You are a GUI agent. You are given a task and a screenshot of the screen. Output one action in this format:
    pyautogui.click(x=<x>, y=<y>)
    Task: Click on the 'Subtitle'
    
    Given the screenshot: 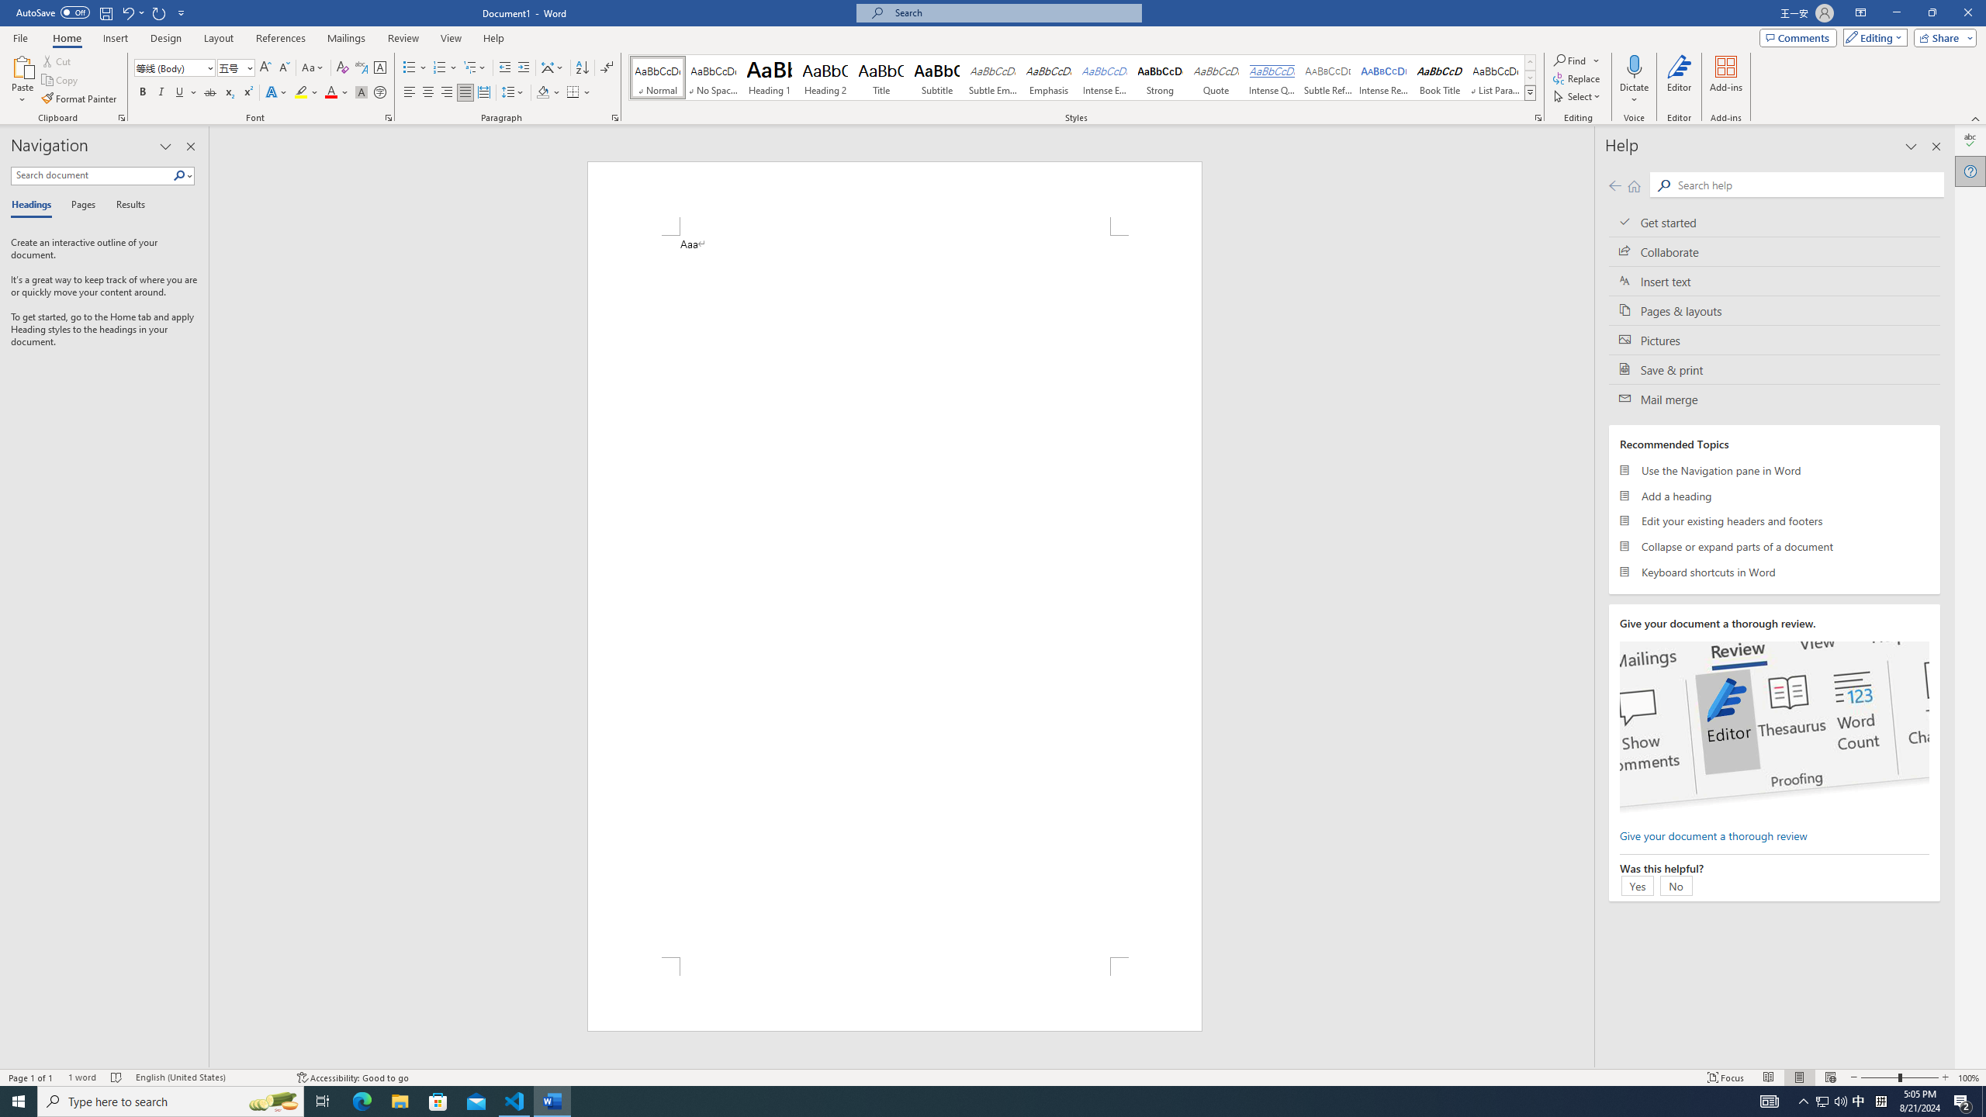 What is the action you would take?
    pyautogui.click(x=936, y=77)
    